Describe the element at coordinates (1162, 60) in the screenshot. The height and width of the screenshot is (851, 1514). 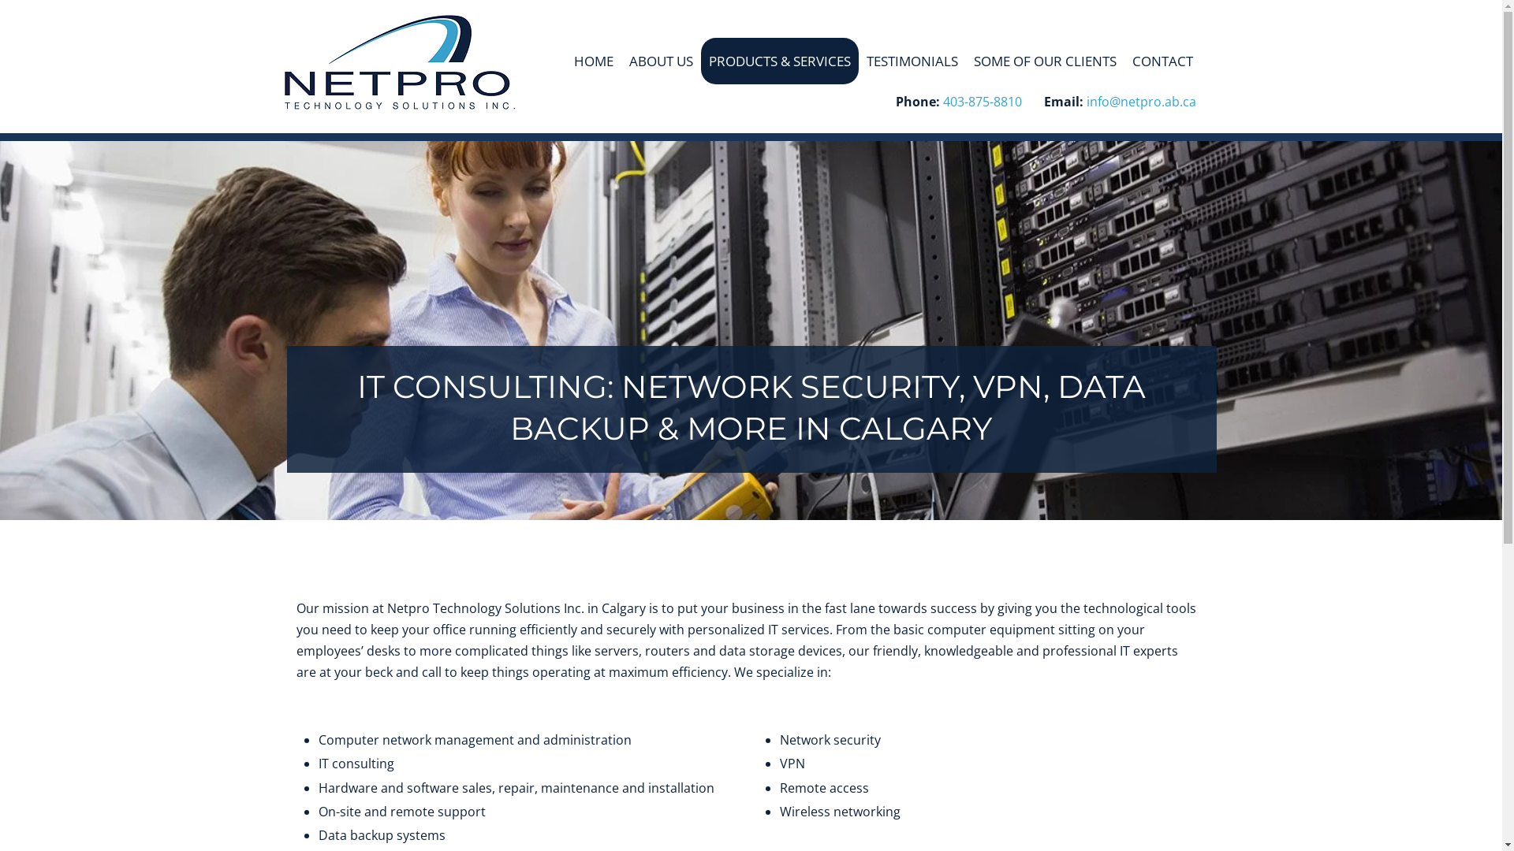
I see `'CONTACT'` at that location.